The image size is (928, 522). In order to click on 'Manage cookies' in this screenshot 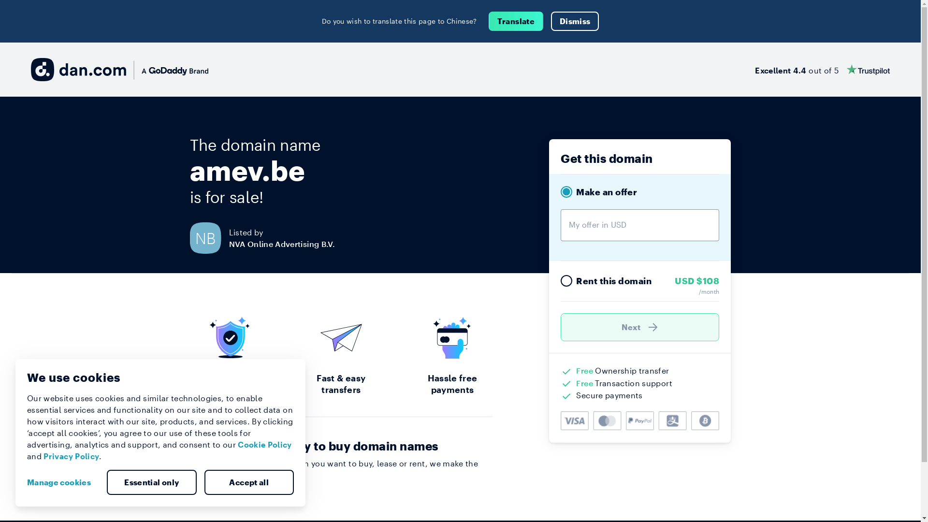, I will do `click(62, 482)`.